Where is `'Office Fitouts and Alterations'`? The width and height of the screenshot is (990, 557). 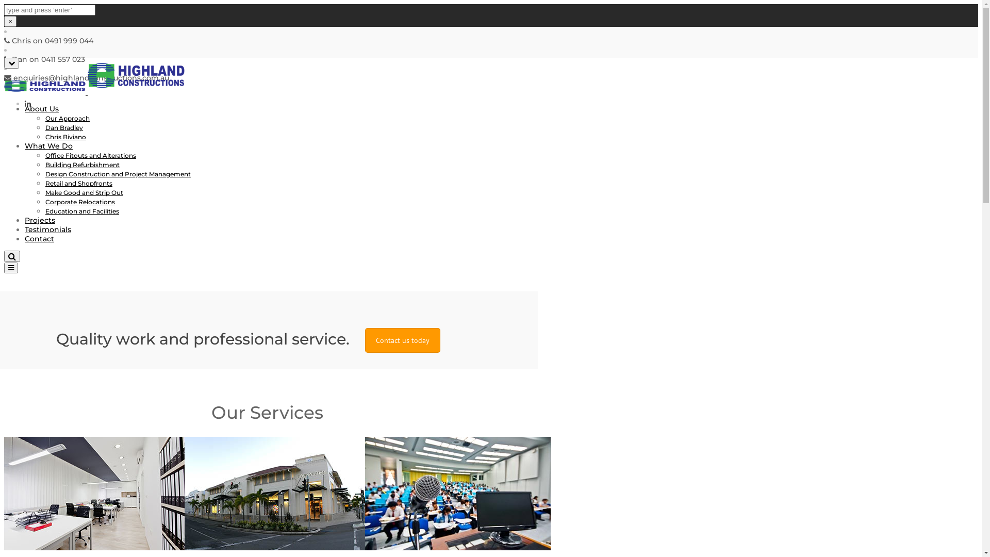
'Office Fitouts and Alterations' is located at coordinates (91, 155).